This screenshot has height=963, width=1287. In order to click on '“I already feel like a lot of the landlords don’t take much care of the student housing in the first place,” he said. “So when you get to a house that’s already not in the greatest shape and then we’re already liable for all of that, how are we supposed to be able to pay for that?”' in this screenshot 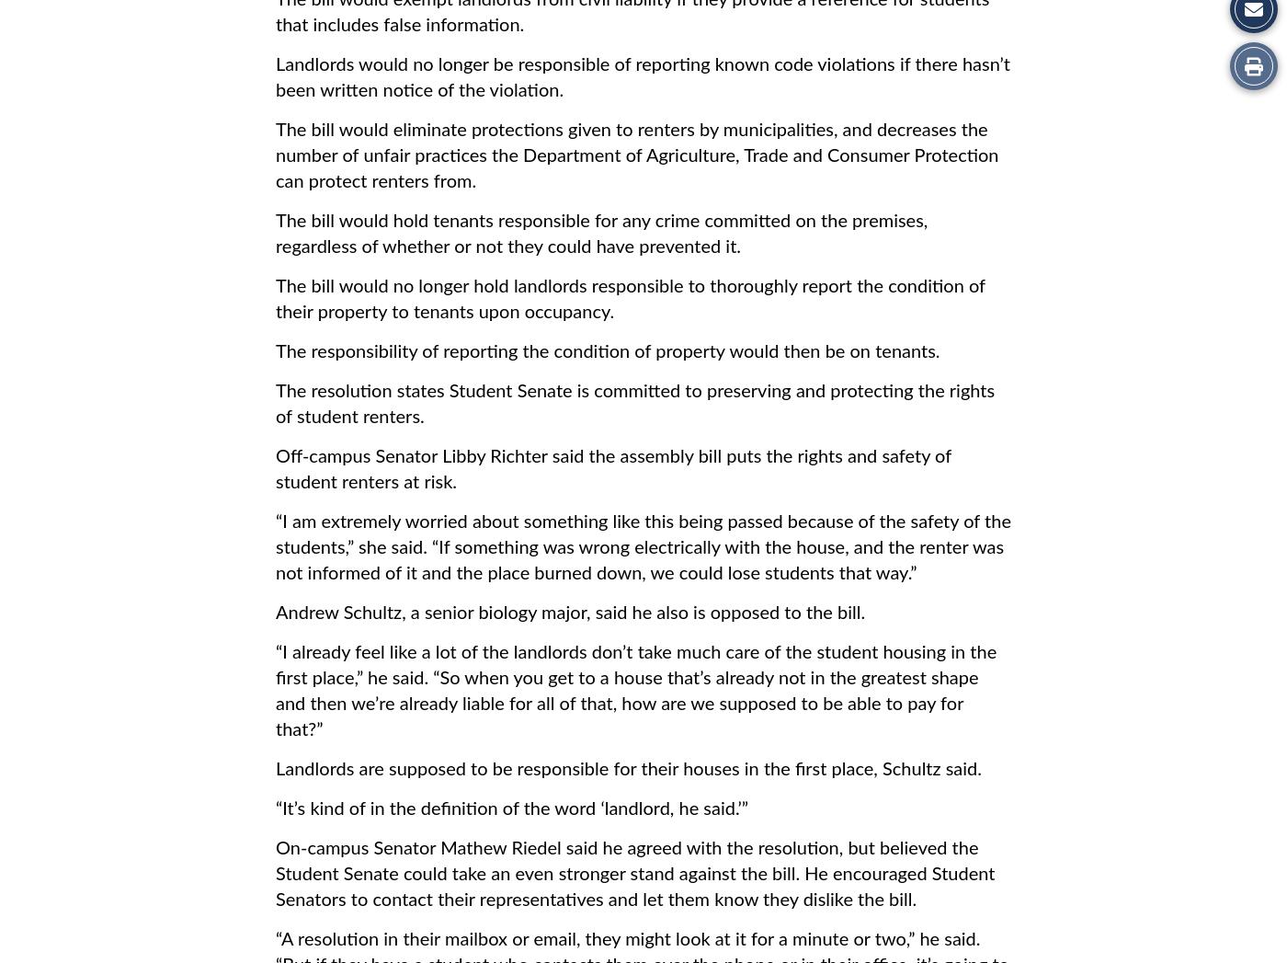, I will do `click(636, 691)`.